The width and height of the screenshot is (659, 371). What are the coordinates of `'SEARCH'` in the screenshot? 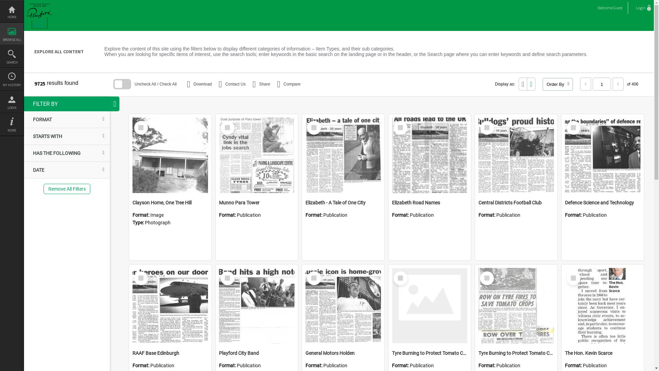 It's located at (12, 56).